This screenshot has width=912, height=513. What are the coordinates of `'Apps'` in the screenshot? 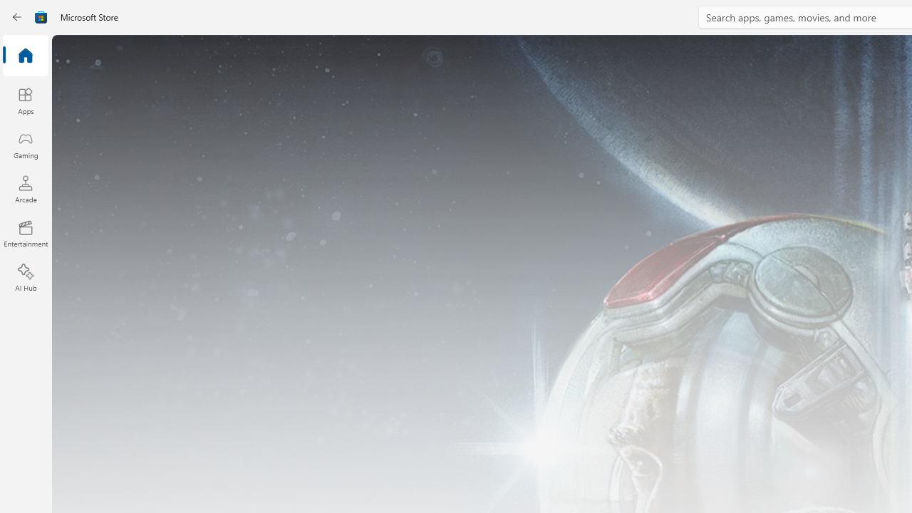 It's located at (25, 100).